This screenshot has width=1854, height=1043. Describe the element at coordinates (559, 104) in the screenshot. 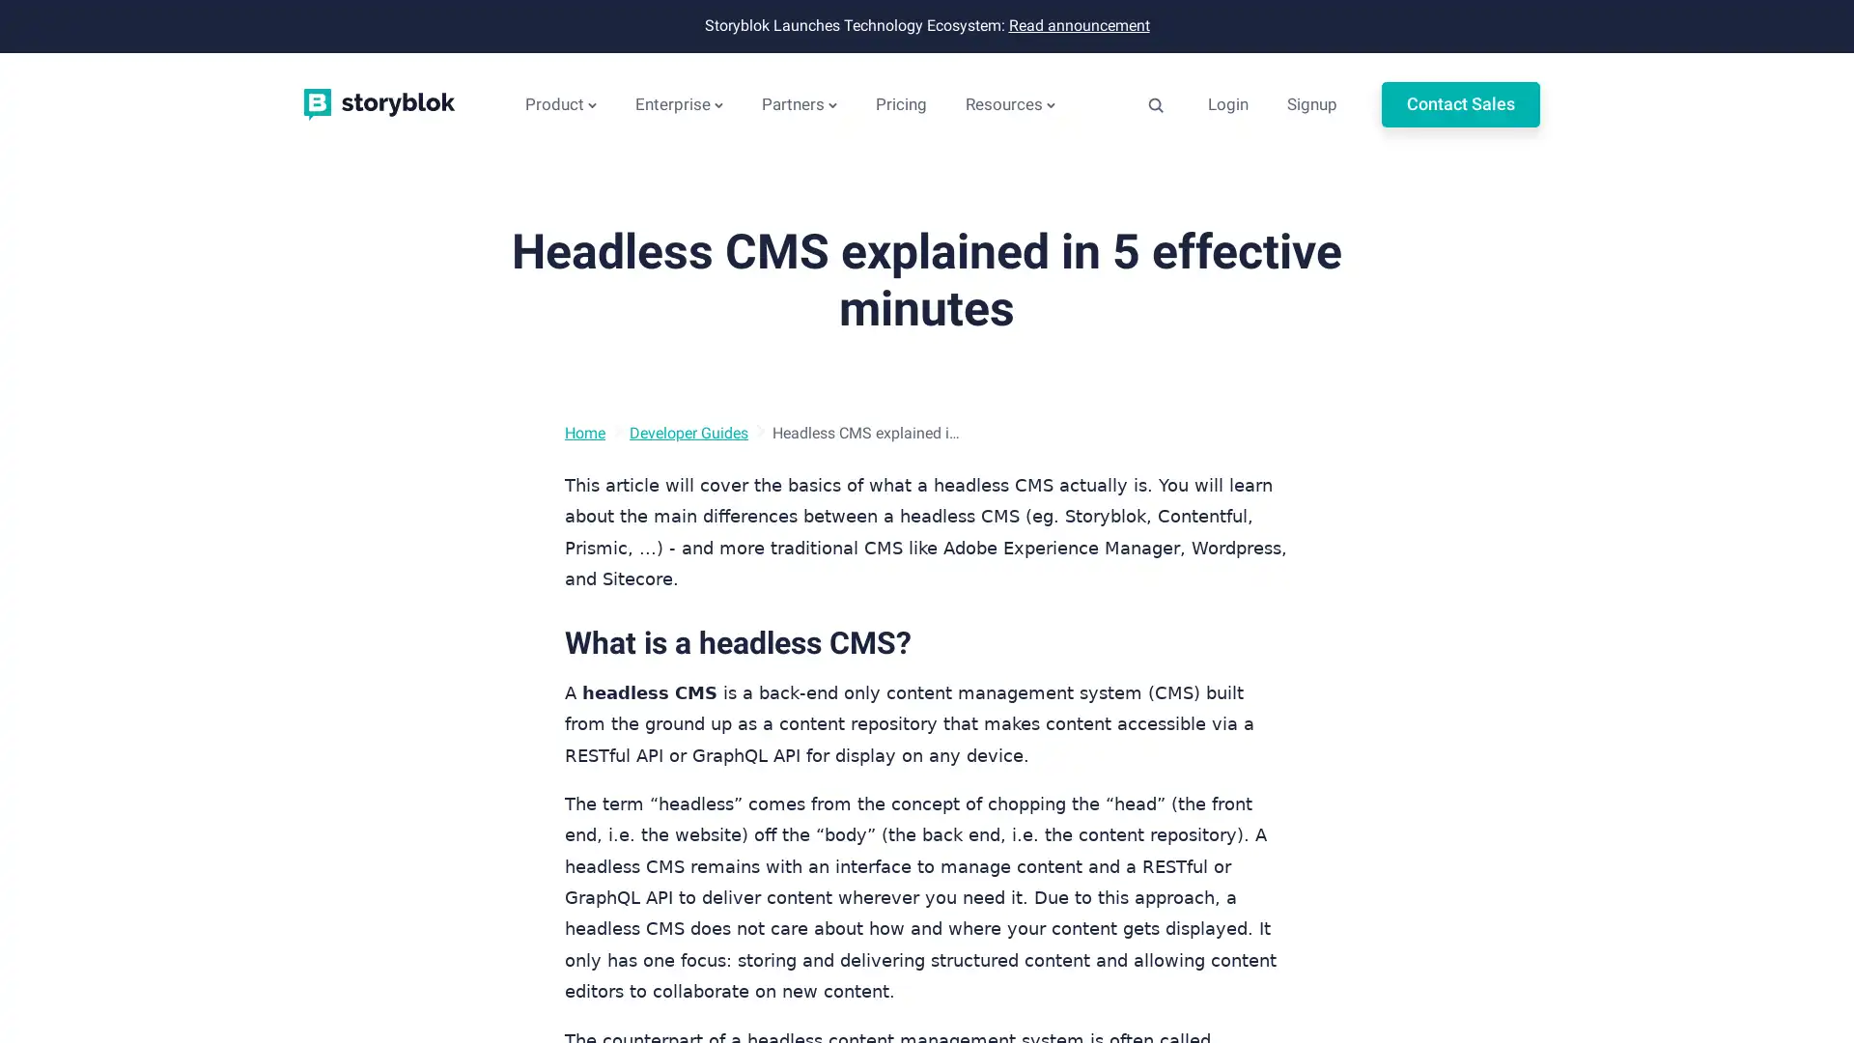

I see `Product` at that location.